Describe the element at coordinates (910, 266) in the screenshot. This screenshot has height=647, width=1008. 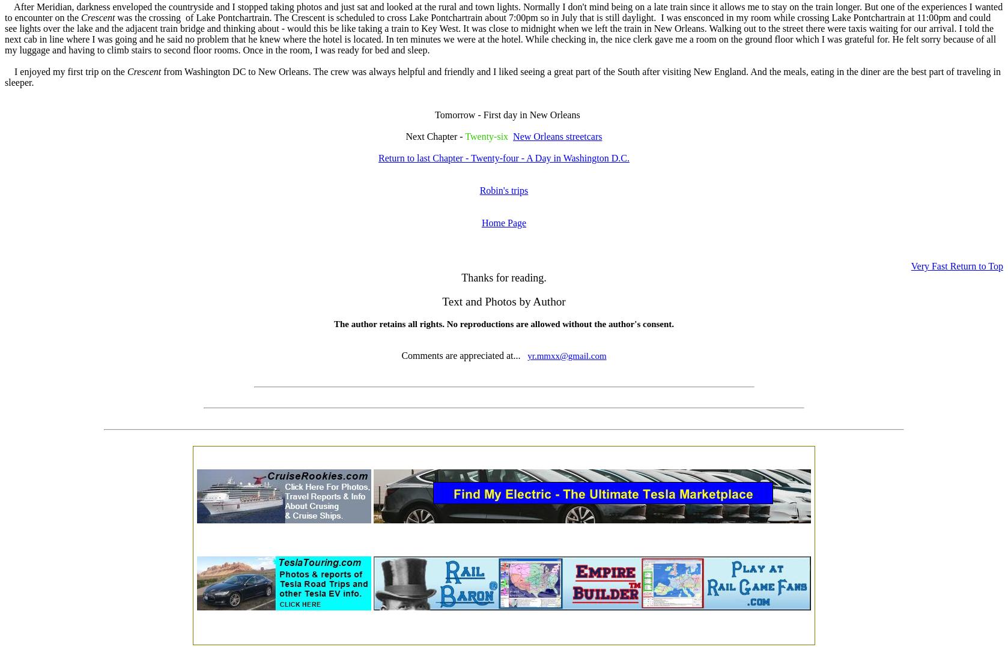
I see `'Very Fast
          Return to Top'` at that location.